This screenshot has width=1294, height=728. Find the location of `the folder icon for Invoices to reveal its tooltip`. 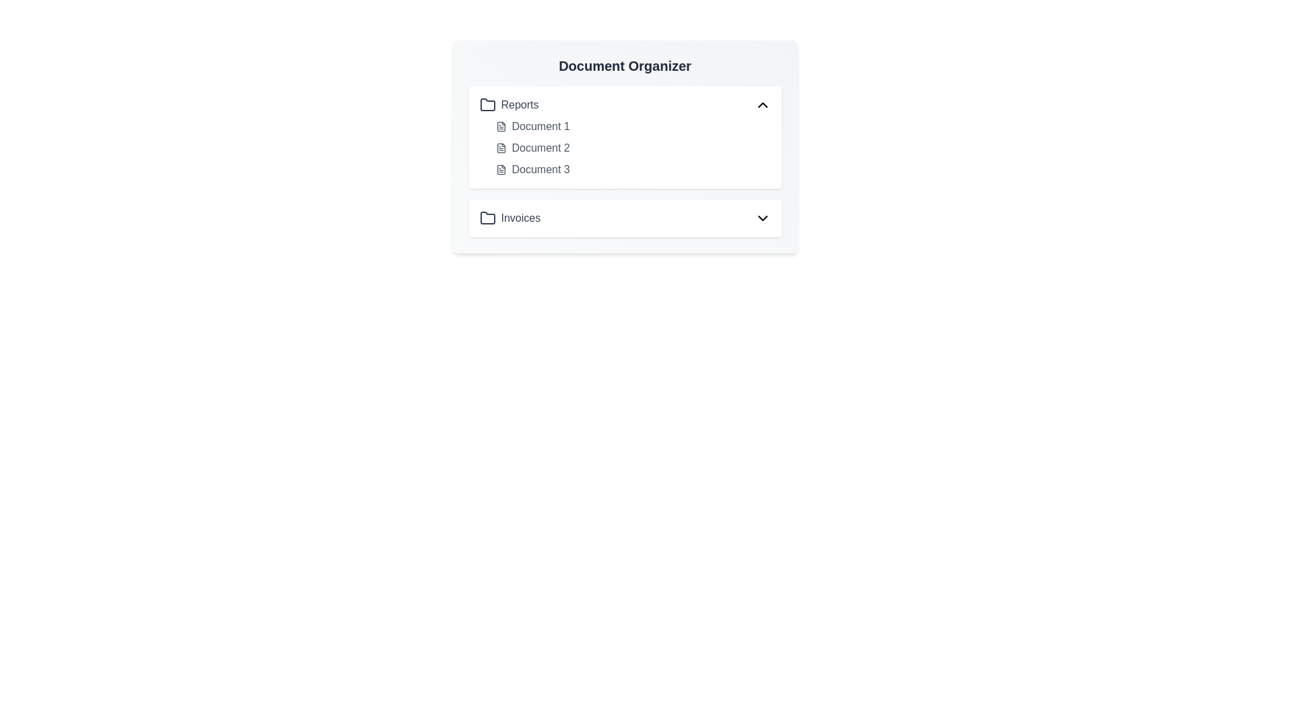

the folder icon for Invoices to reveal its tooltip is located at coordinates (487, 218).